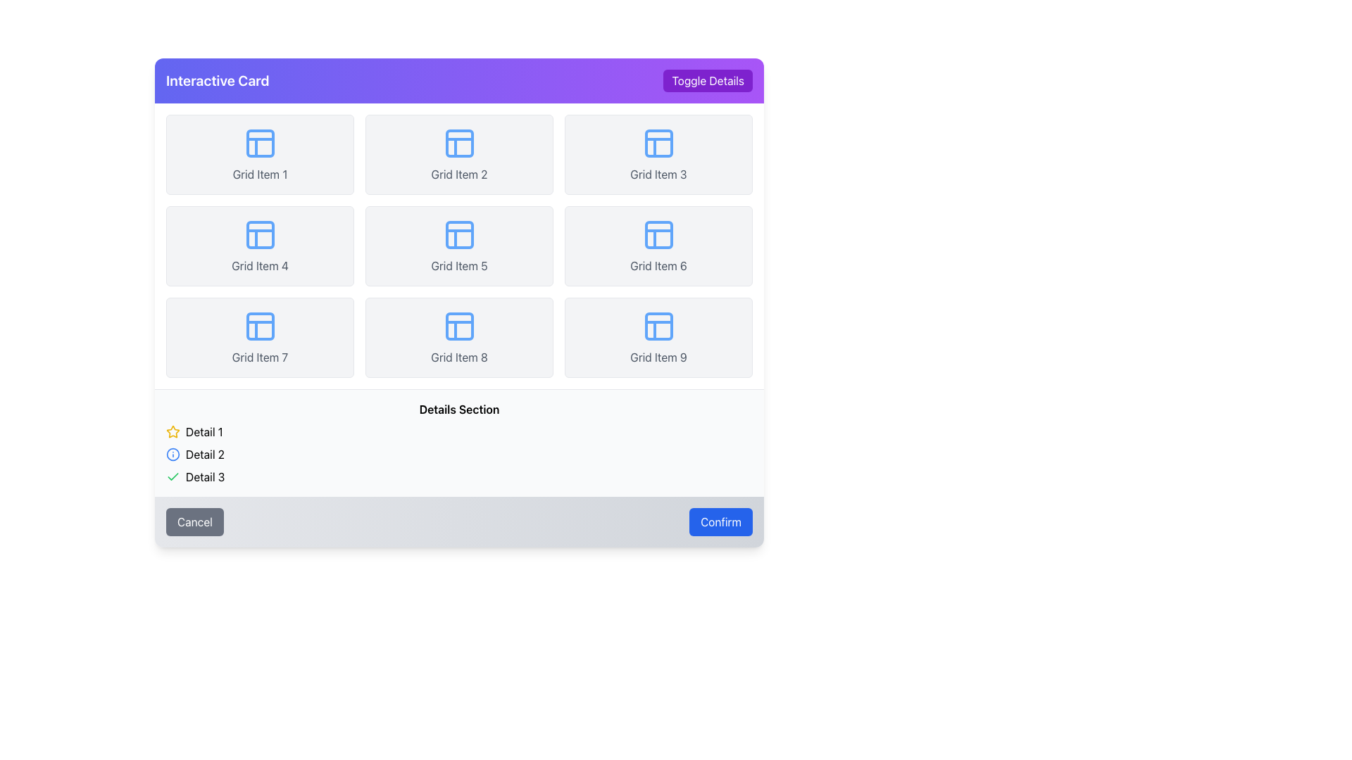 The image size is (1352, 760). What do you see at coordinates (204, 476) in the screenshot?
I see `the text label reading 'Detail 3', which is styled in a normal sans-serif font and located at the bottom of a vertical list of items, indicating a completed or selected status with a green checkmark icon adjacent to it` at bounding box center [204, 476].